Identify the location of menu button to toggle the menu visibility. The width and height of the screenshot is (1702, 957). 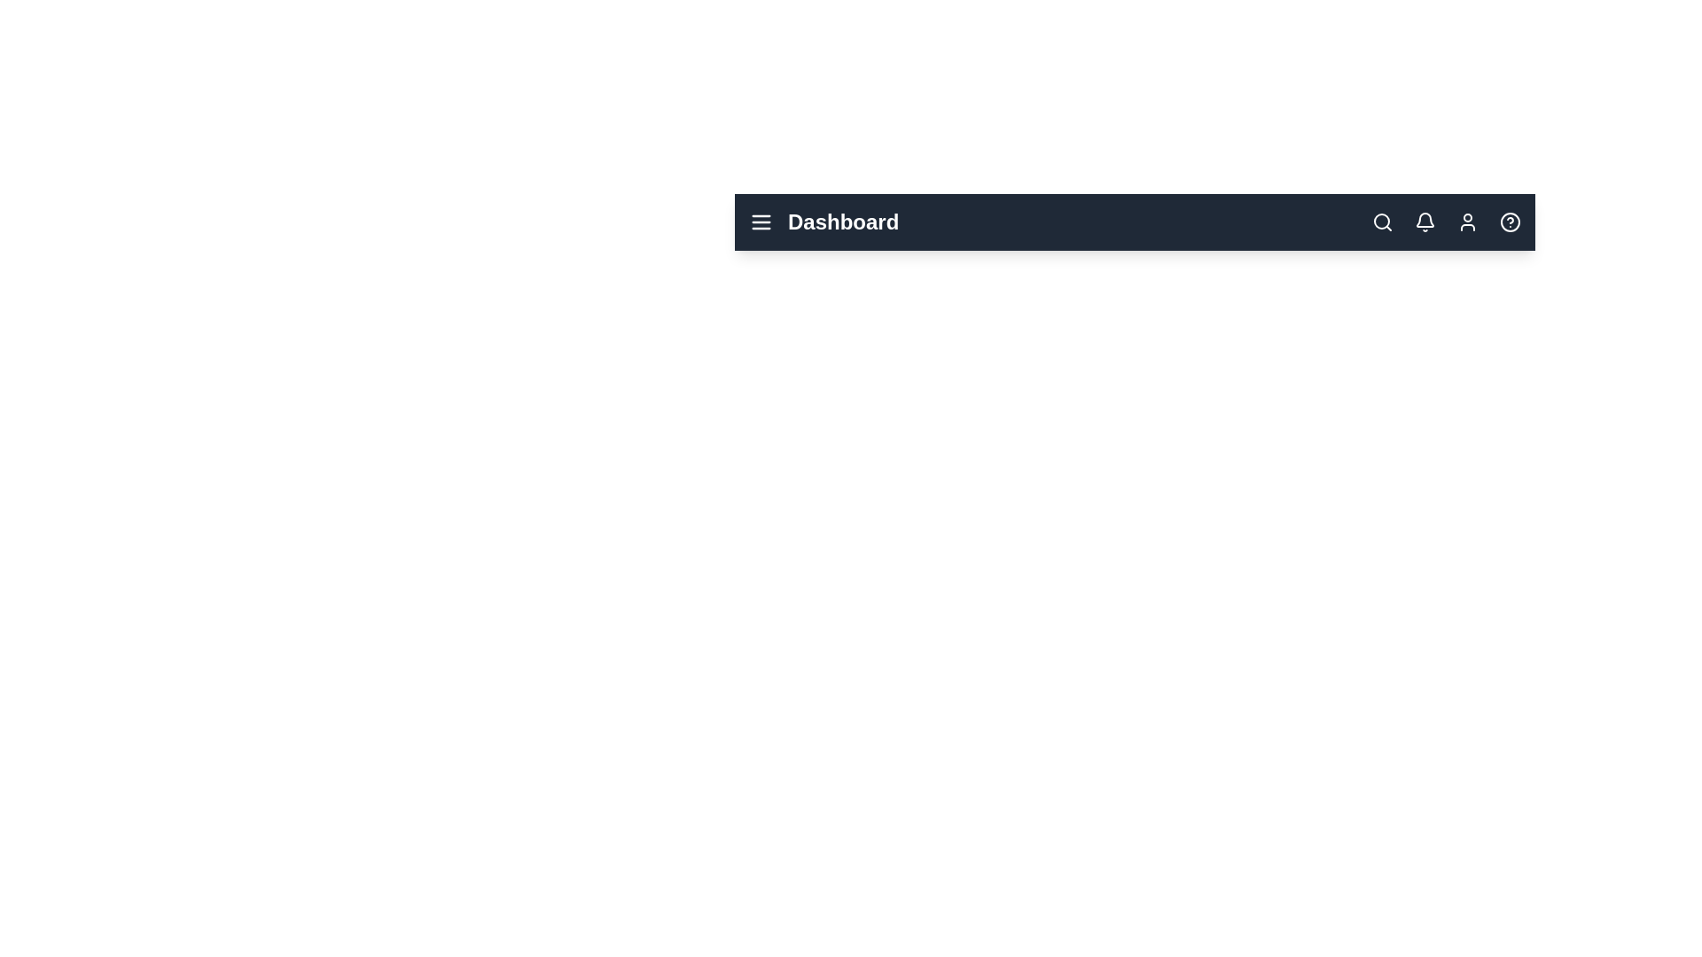
(761, 221).